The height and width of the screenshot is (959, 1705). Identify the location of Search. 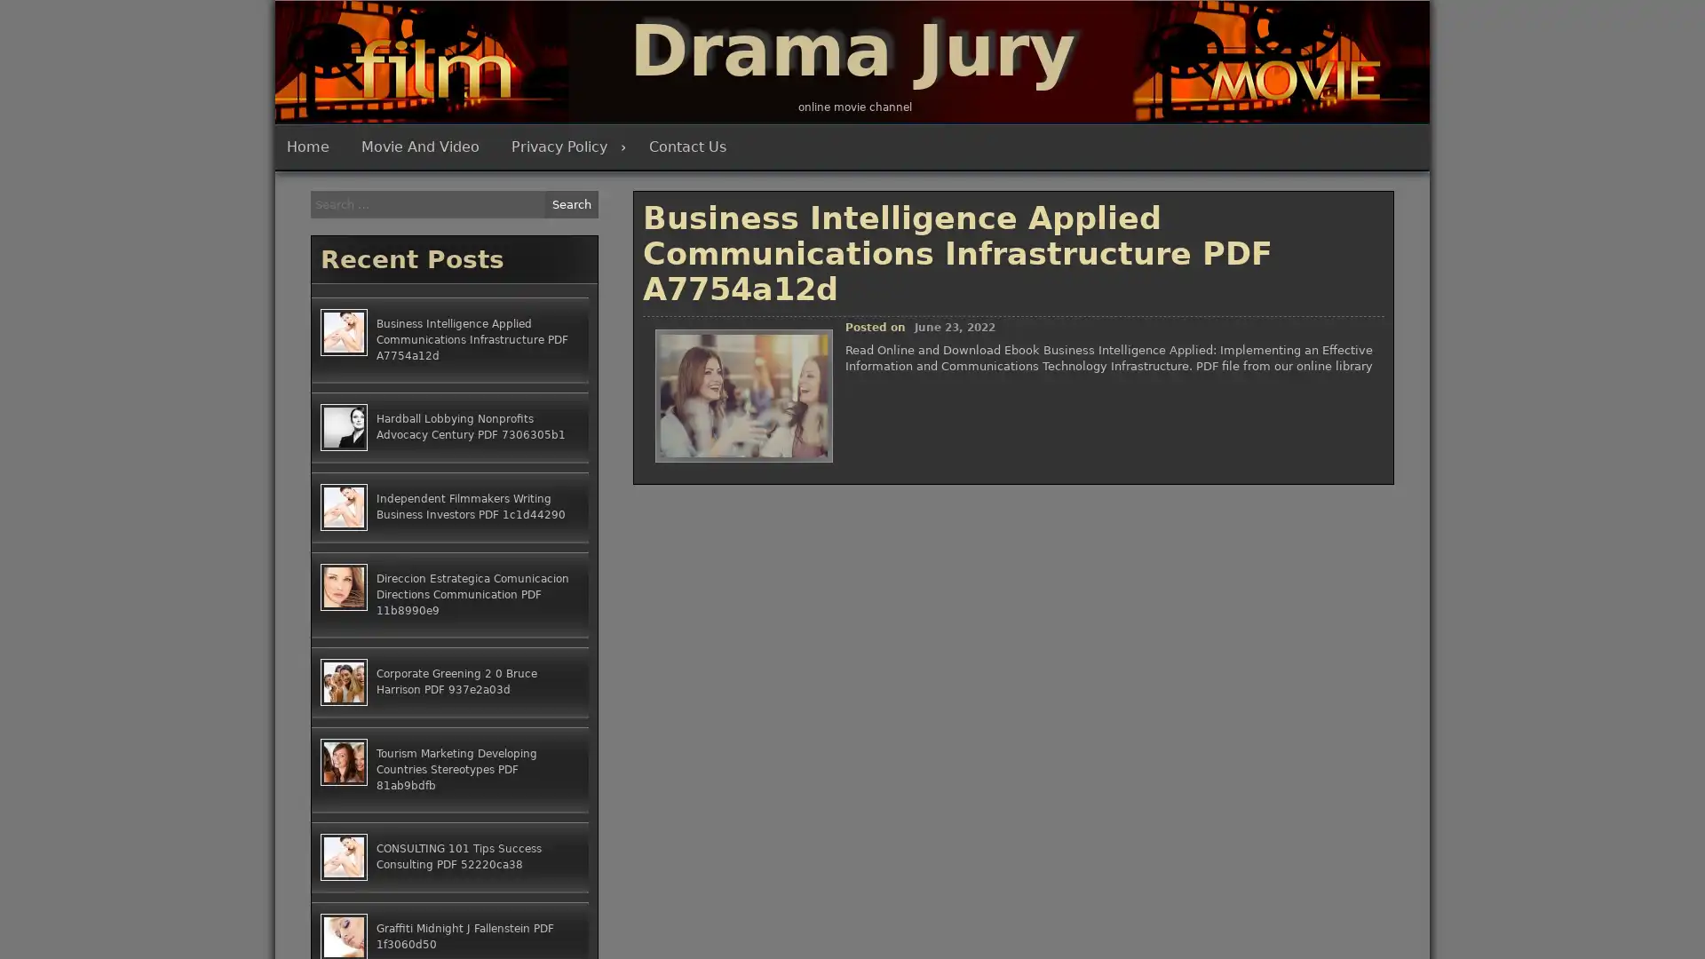
(571, 203).